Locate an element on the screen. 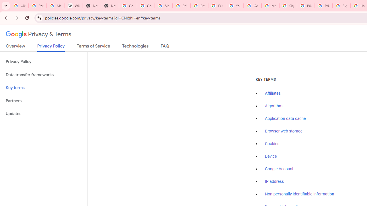 The image size is (367, 206). 'Non-personally identifiable information' is located at coordinates (299, 194).